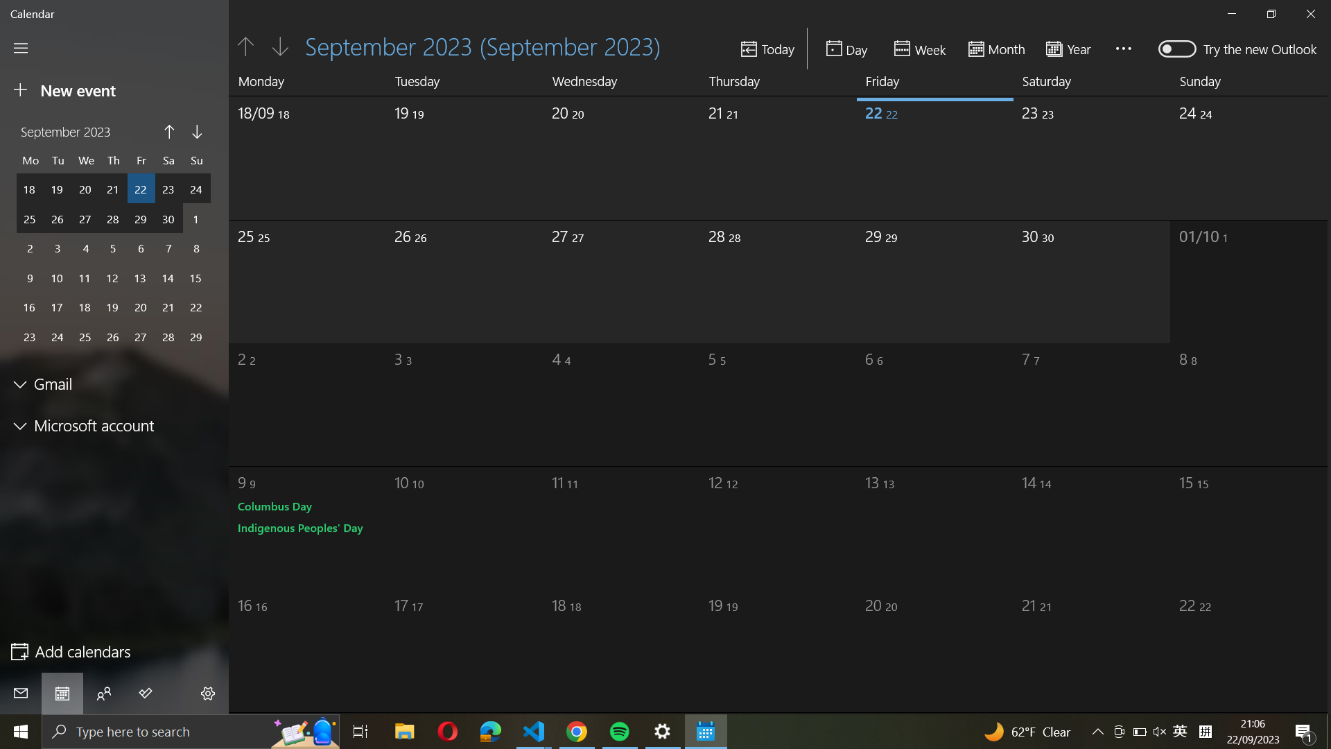 The height and width of the screenshot is (749, 1331). I want to click on the date 18th of September, so click(295, 153).